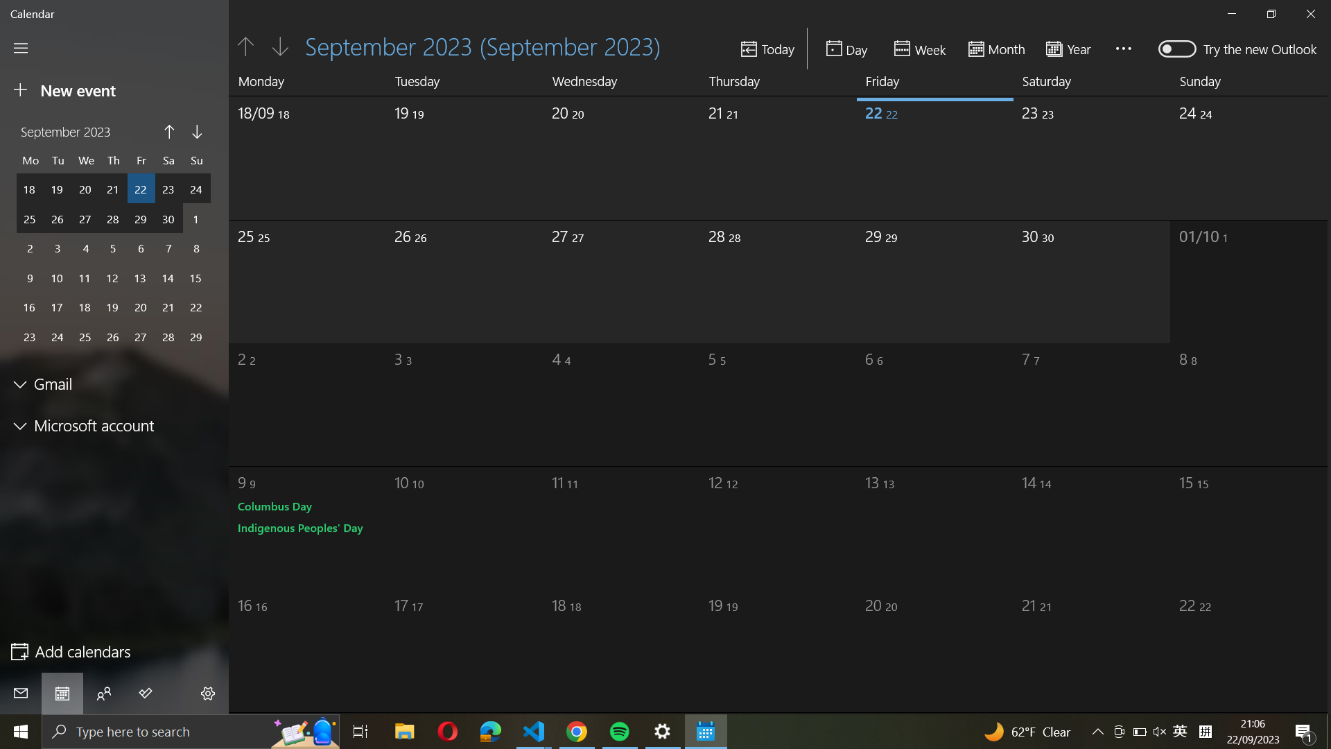 The height and width of the screenshot is (749, 1331). I want to click on the date 18th of September, so click(295, 153).